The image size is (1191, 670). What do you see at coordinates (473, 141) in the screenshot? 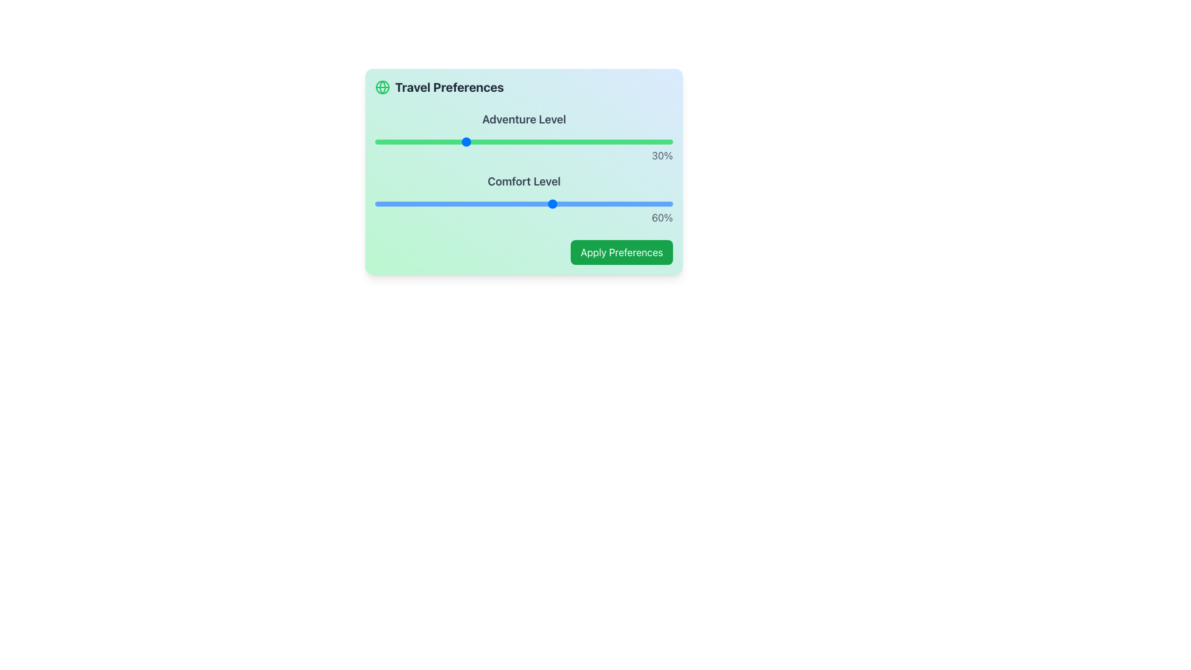
I see `the adventure level` at bounding box center [473, 141].